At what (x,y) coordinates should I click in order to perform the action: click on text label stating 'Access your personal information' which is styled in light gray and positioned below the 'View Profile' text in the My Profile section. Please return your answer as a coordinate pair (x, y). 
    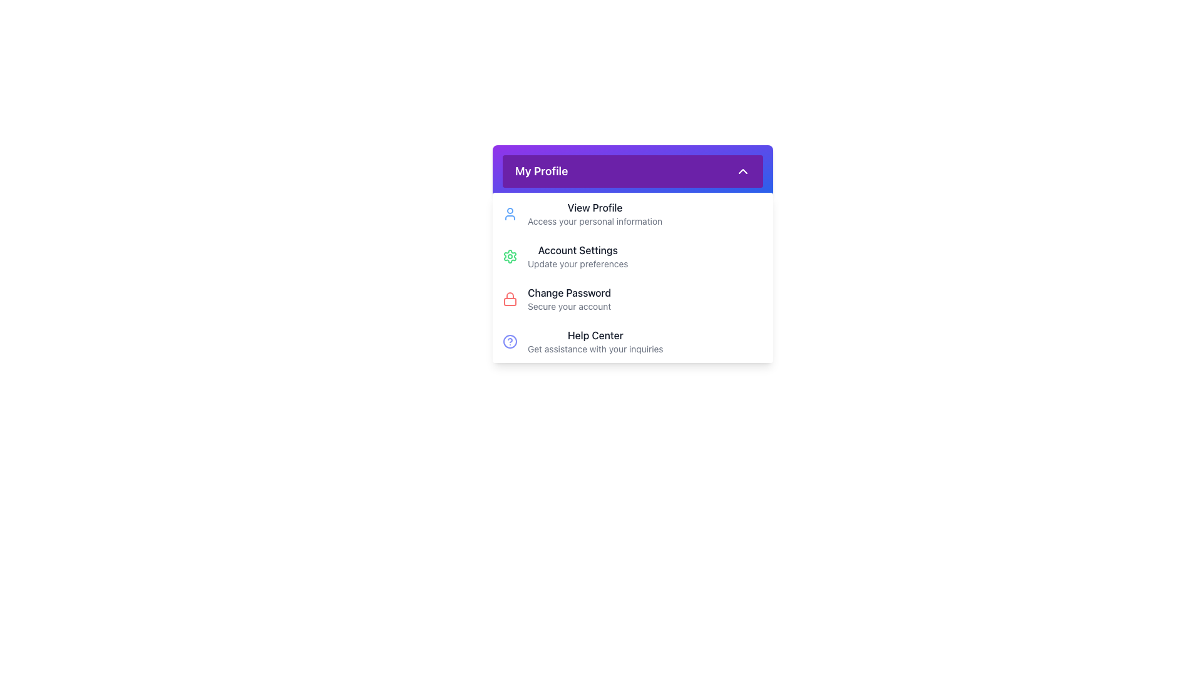
    Looking at the image, I should click on (594, 221).